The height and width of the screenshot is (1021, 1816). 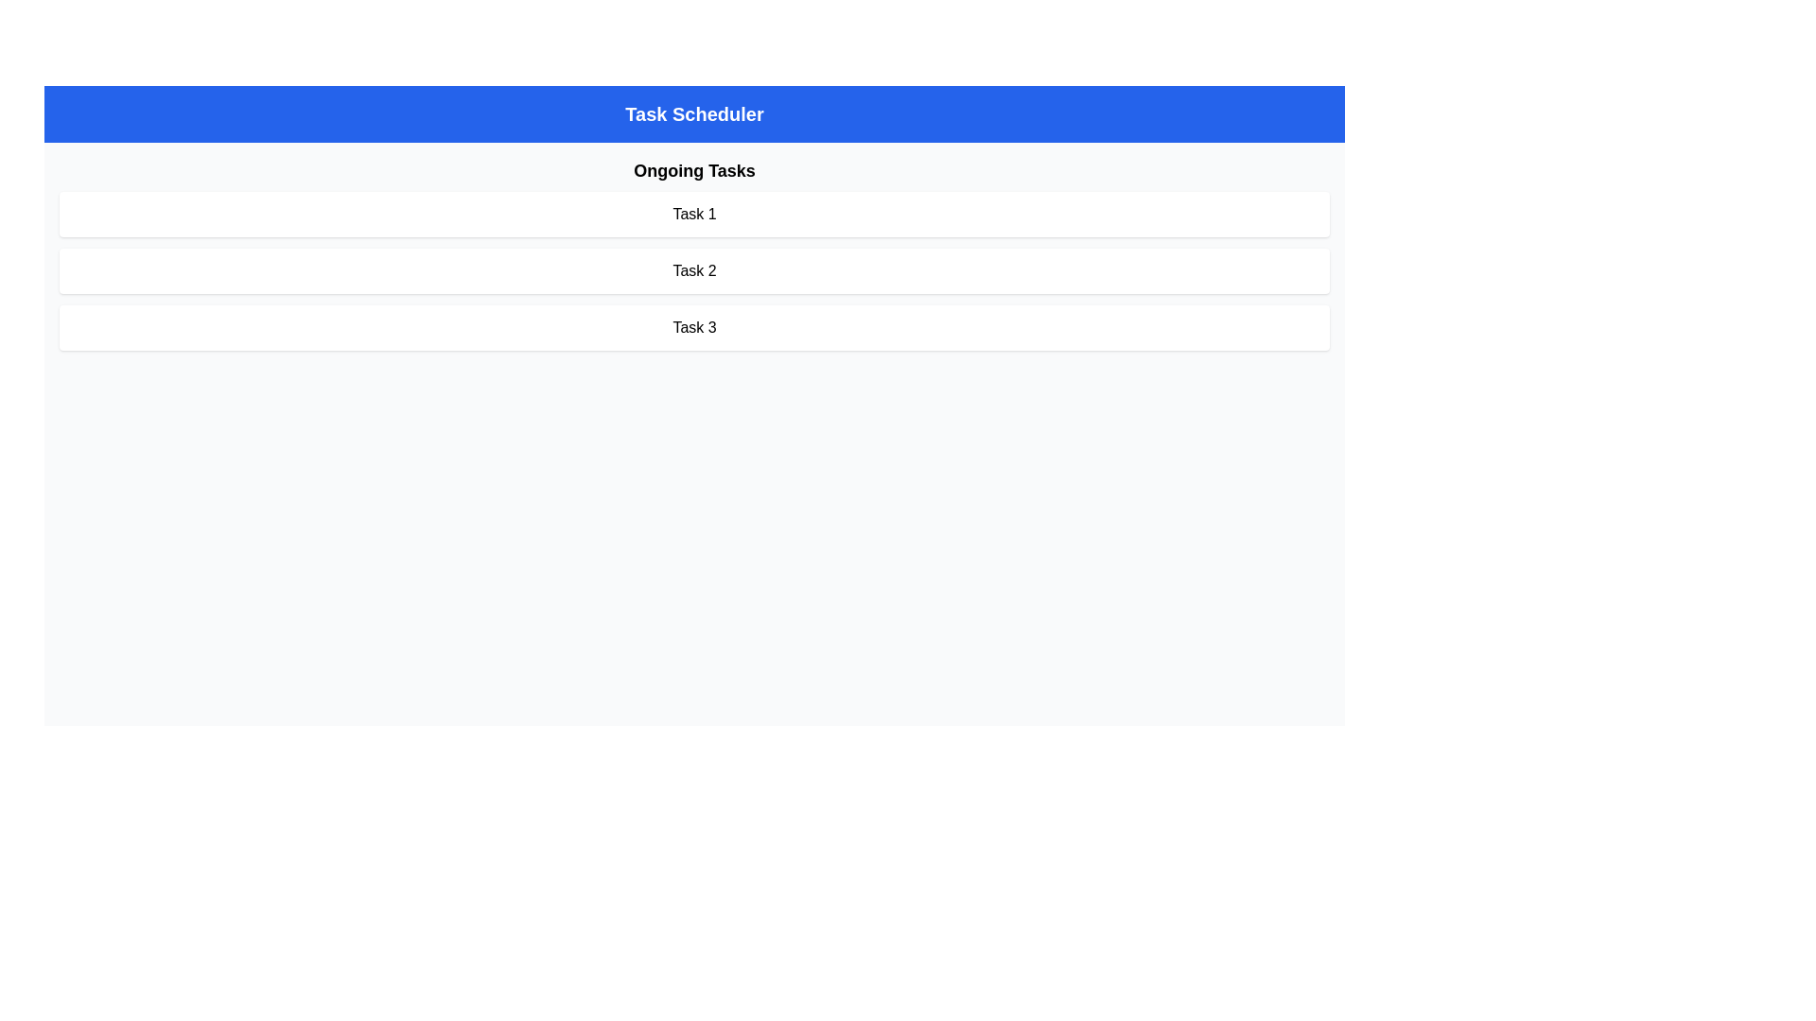 What do you see at coordinates (693, 270) in the screenshot?
I see `the second task label, which is labeled 'Task 2'` at bounding box center [693, 270].